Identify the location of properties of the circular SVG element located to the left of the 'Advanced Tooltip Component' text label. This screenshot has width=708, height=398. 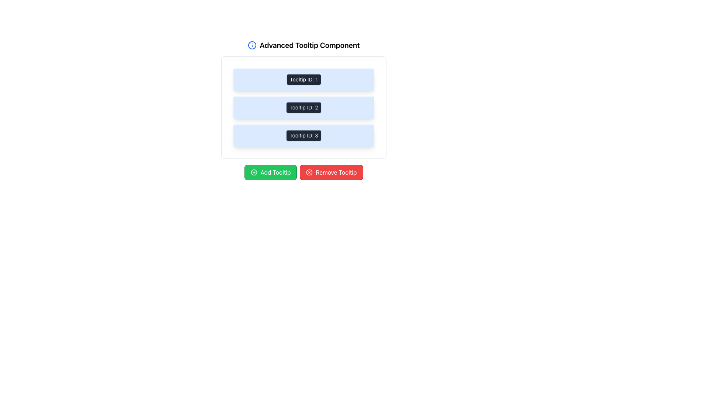
(252, 45).